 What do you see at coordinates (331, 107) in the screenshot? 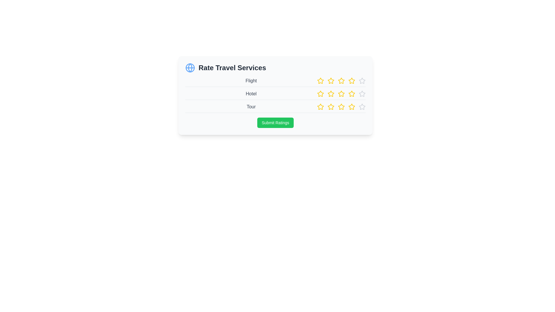
I see `the yellow star-shaped button, which is the third star in the 'Tour' rating section` at bounding box center [331, 107].